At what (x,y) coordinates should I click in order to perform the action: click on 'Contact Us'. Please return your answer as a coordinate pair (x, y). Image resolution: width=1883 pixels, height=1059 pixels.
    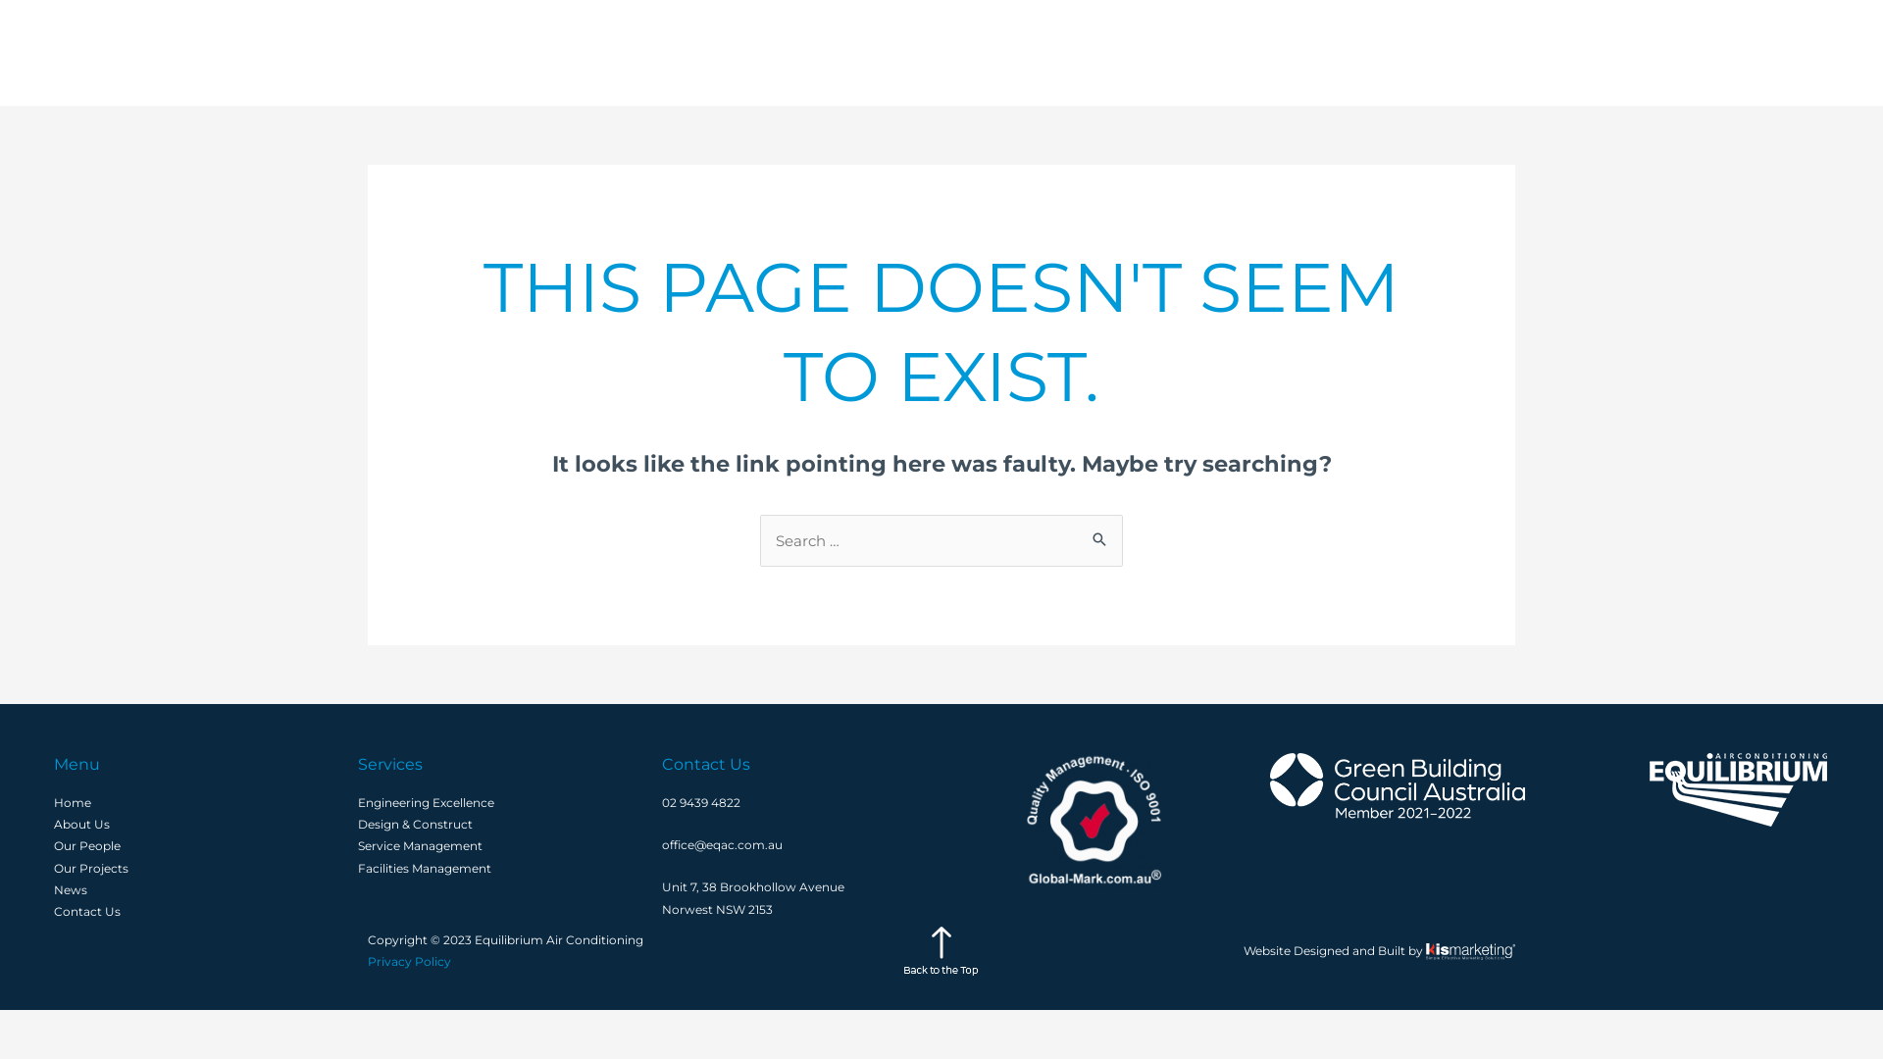
    Looking at the image, I should click on (1752, 52).